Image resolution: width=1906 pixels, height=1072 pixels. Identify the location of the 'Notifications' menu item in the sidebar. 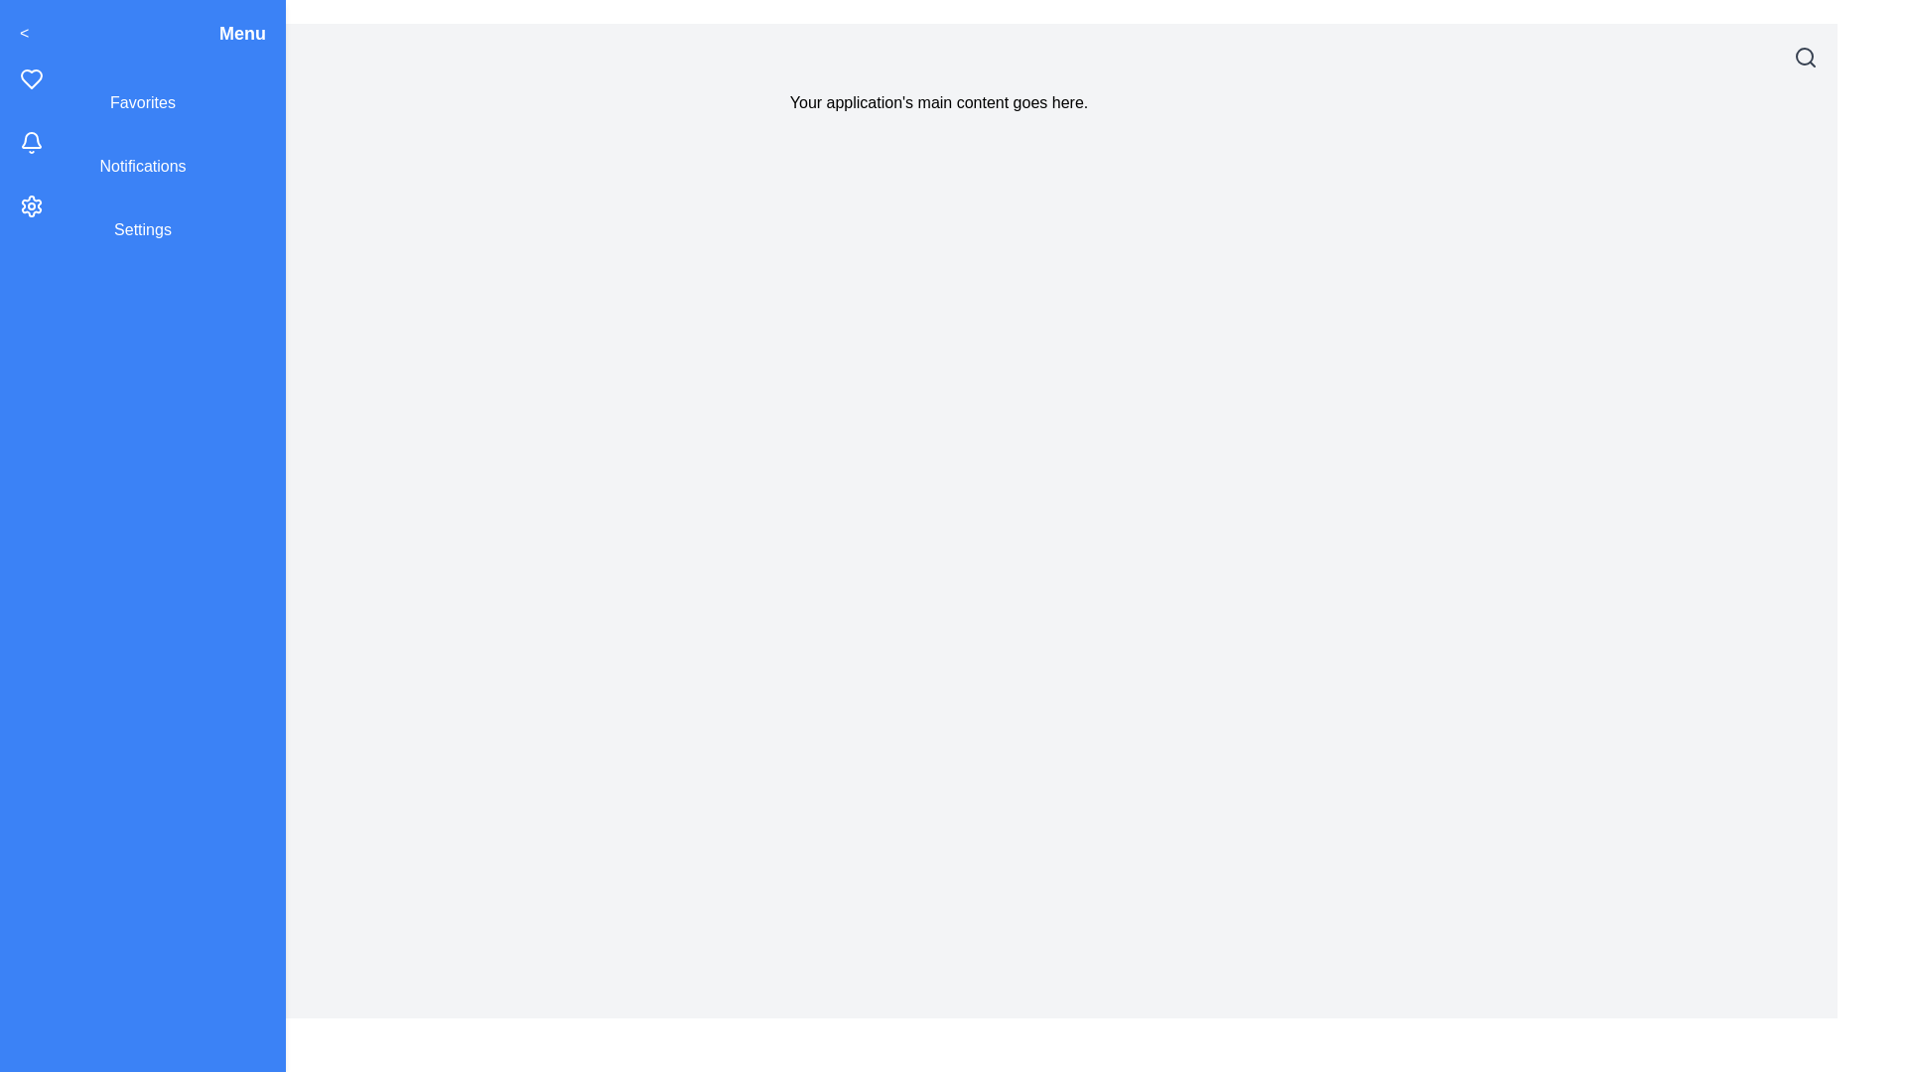
(142, 153).